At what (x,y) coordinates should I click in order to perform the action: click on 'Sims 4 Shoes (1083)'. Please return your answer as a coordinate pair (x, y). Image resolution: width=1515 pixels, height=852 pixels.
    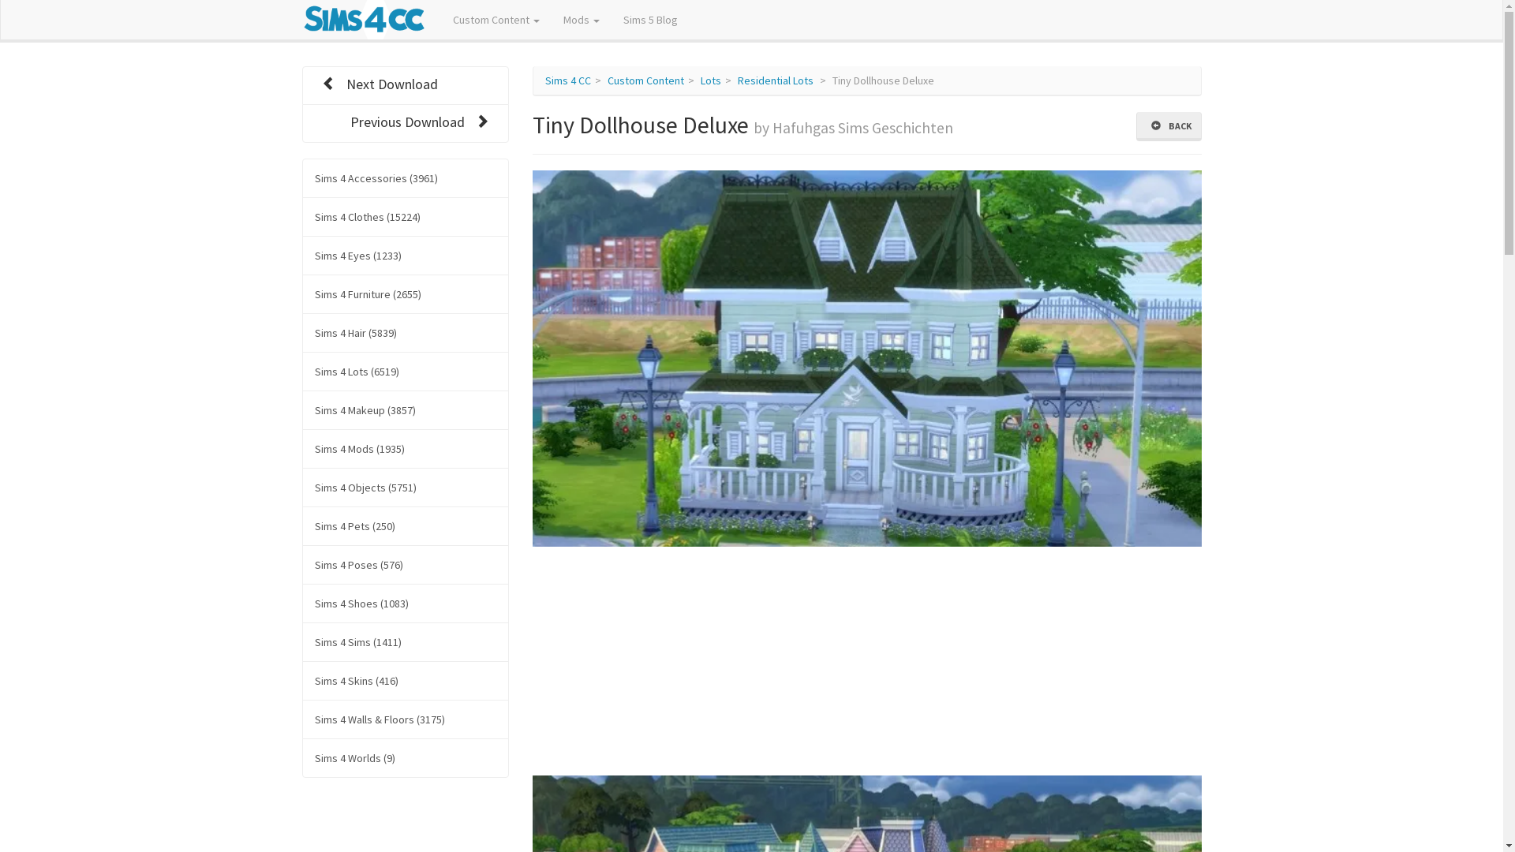
    Looking at the image, I should click on (405, 603).